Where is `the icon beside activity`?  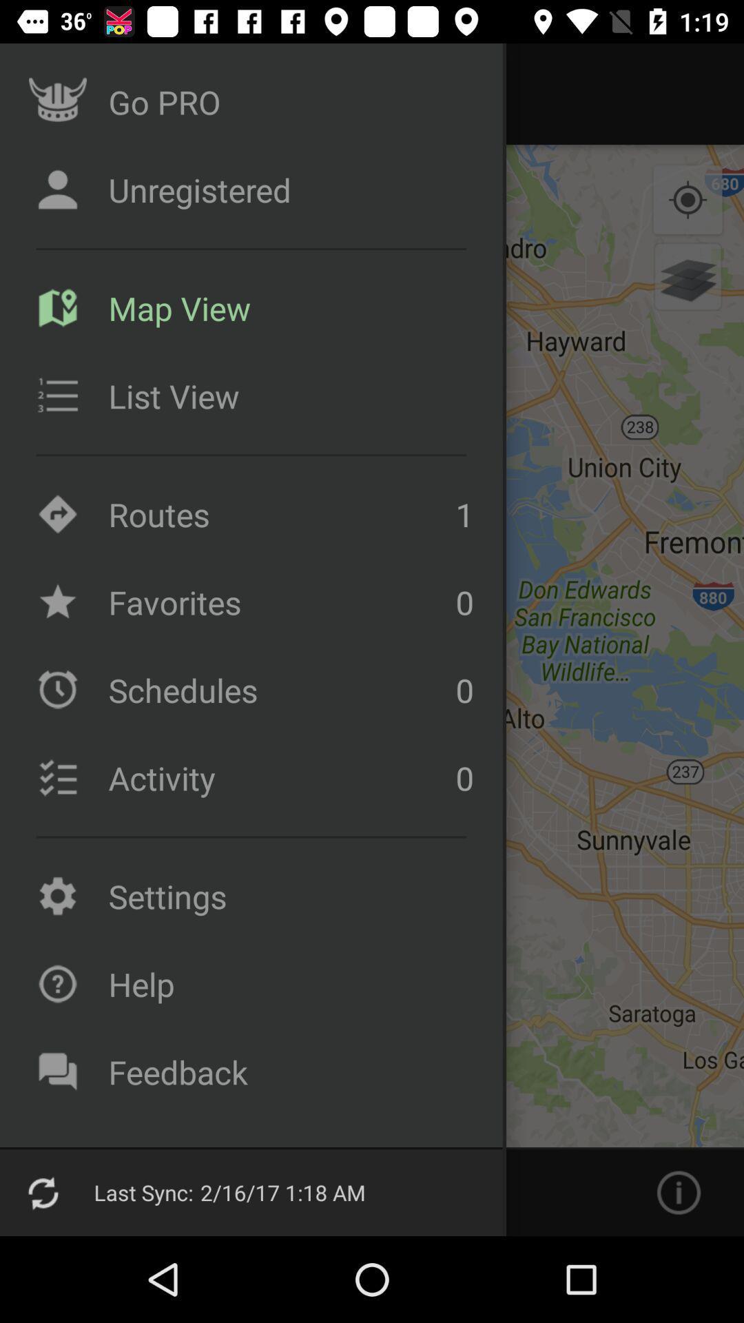 the icon beside activity is located at coordinates (57, 777).